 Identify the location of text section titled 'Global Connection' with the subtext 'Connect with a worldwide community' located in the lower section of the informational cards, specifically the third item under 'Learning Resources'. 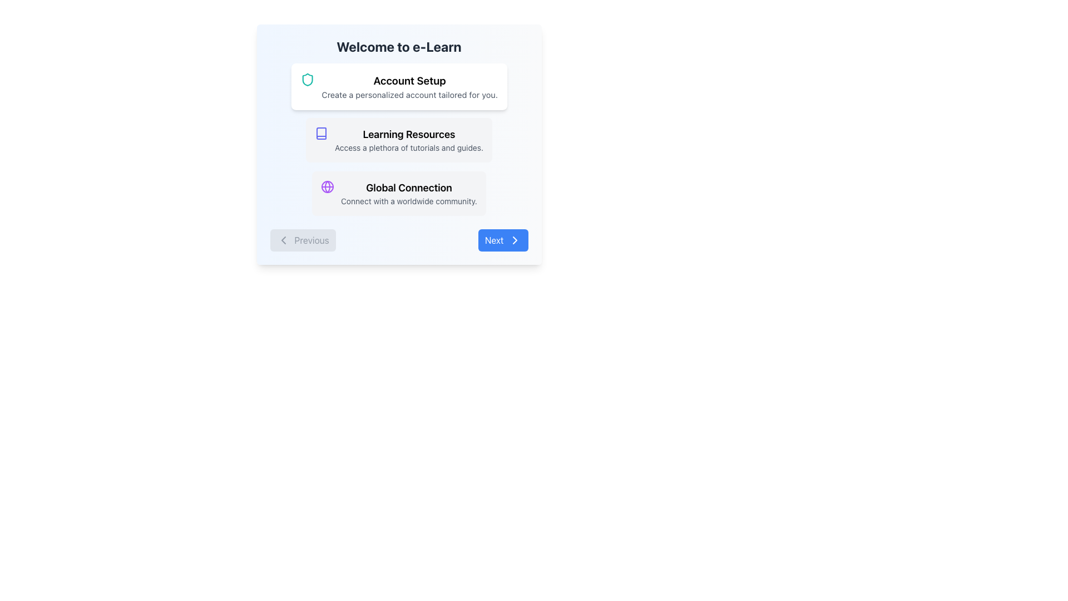
(408, 193).